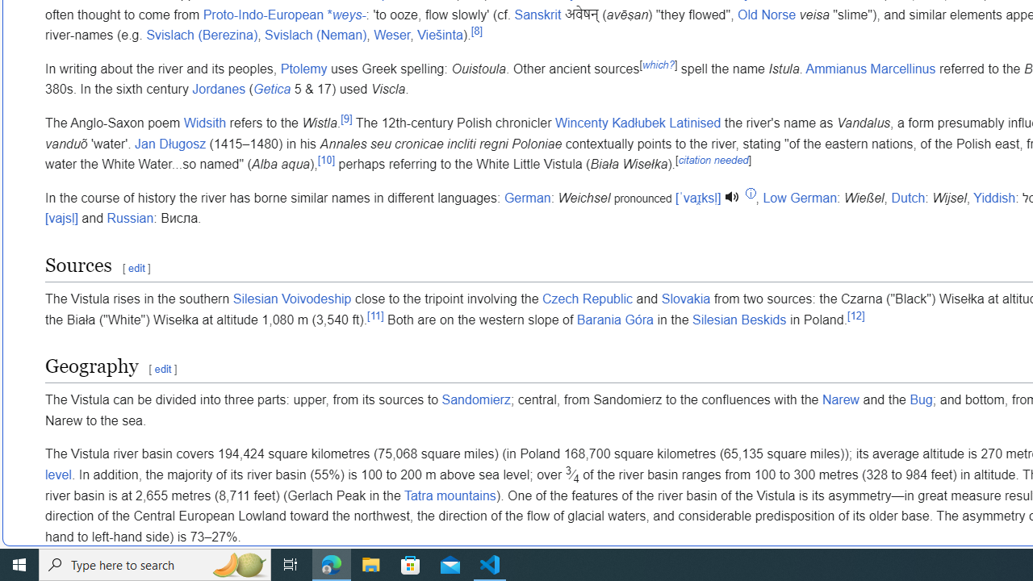 This screenshot has width=1033, height=581. What do you see at coordinates (374, 315) in the screenshot?
I see `'[11]'` at bounding box center [374, 315].